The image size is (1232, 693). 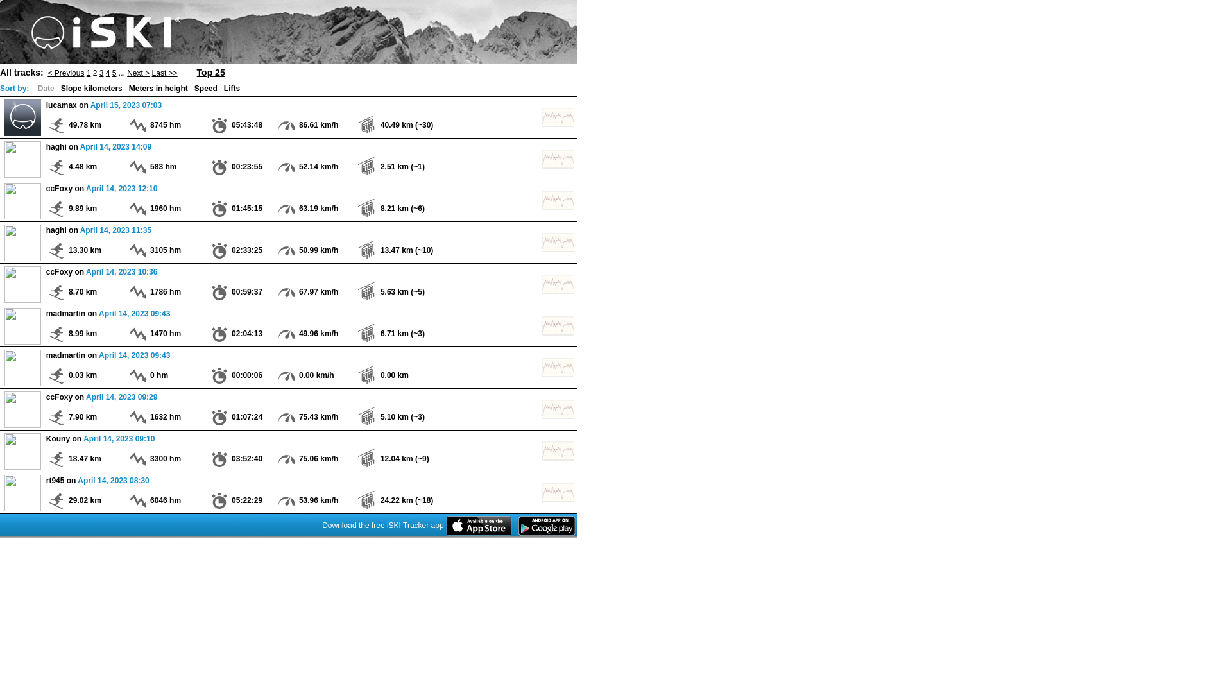 What do you see at coordinates (211, 71) in the screenshot?
I see `'Top 25'` at bounding box center [211, 71].